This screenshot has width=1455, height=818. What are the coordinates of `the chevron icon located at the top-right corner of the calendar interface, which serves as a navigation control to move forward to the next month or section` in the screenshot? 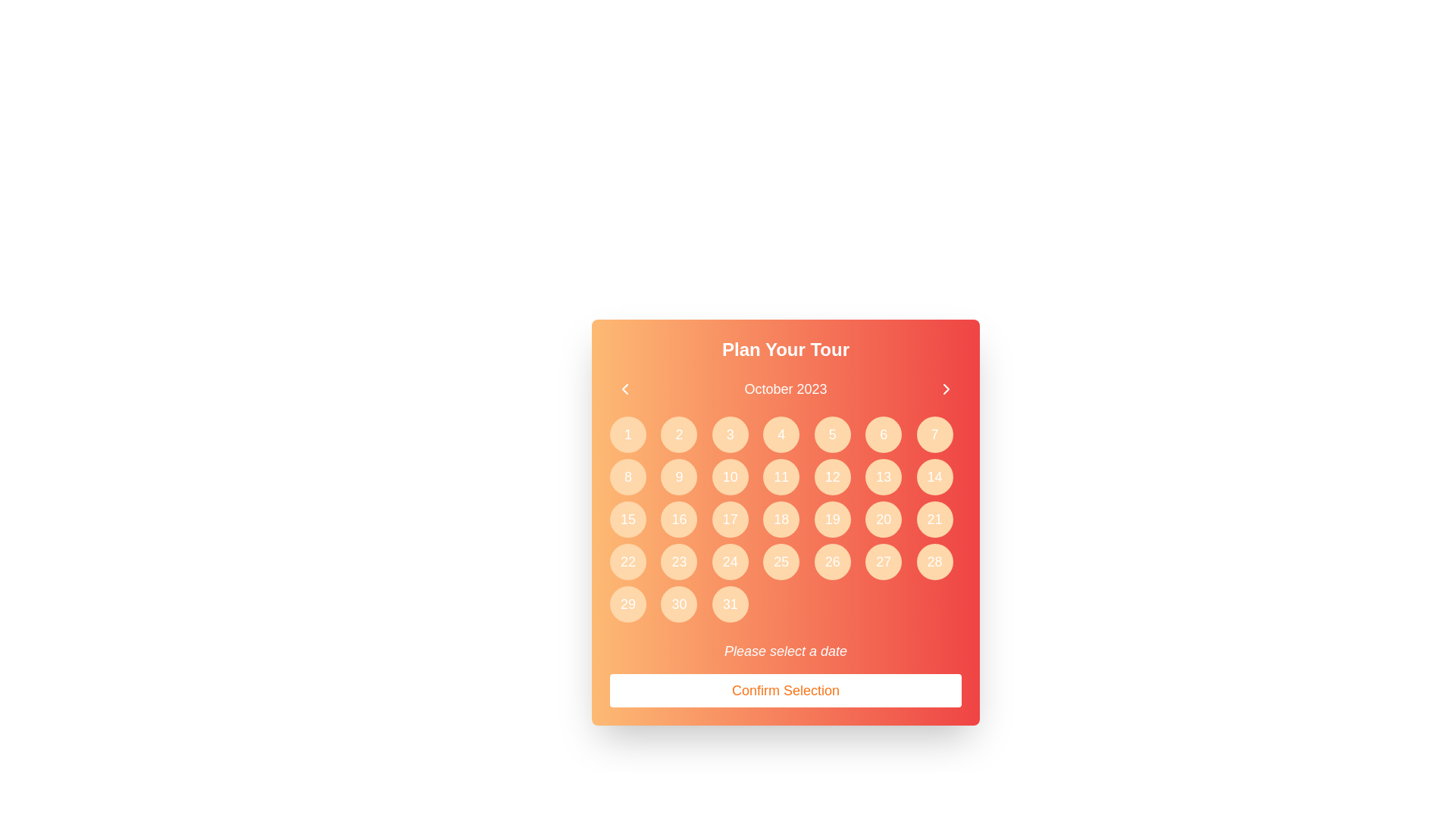 It's located at (945, 388).